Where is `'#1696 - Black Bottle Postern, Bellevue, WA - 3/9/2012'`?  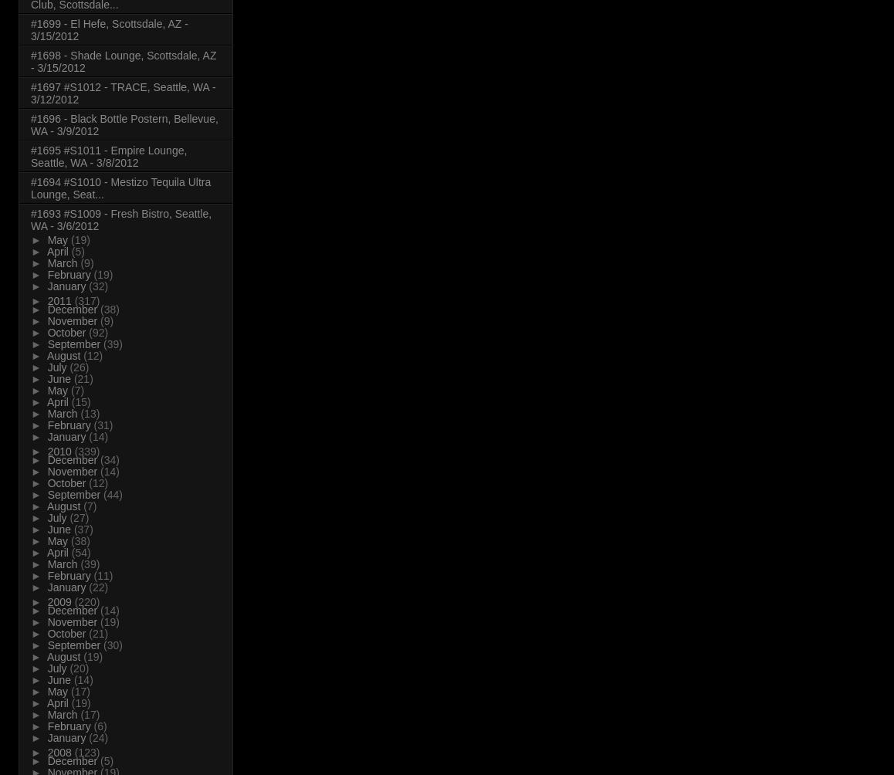
'#1696 - Black Bottle Postern, Bellevue, WA - 3/9/2012' is located at coordinates (29, 124).